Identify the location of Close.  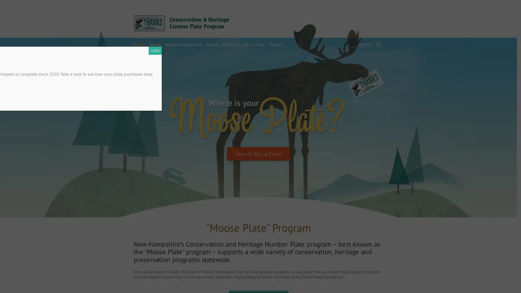
(410, 118).